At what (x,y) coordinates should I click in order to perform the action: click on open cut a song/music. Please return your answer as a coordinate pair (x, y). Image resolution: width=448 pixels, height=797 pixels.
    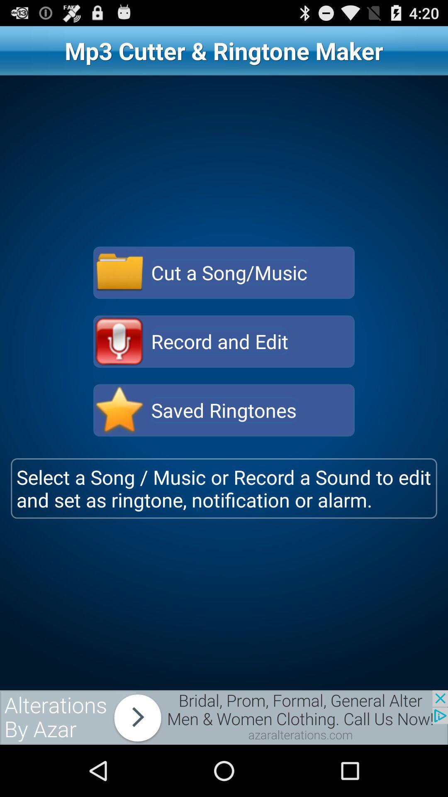
    Looking at the image, I should click on (119, 273).